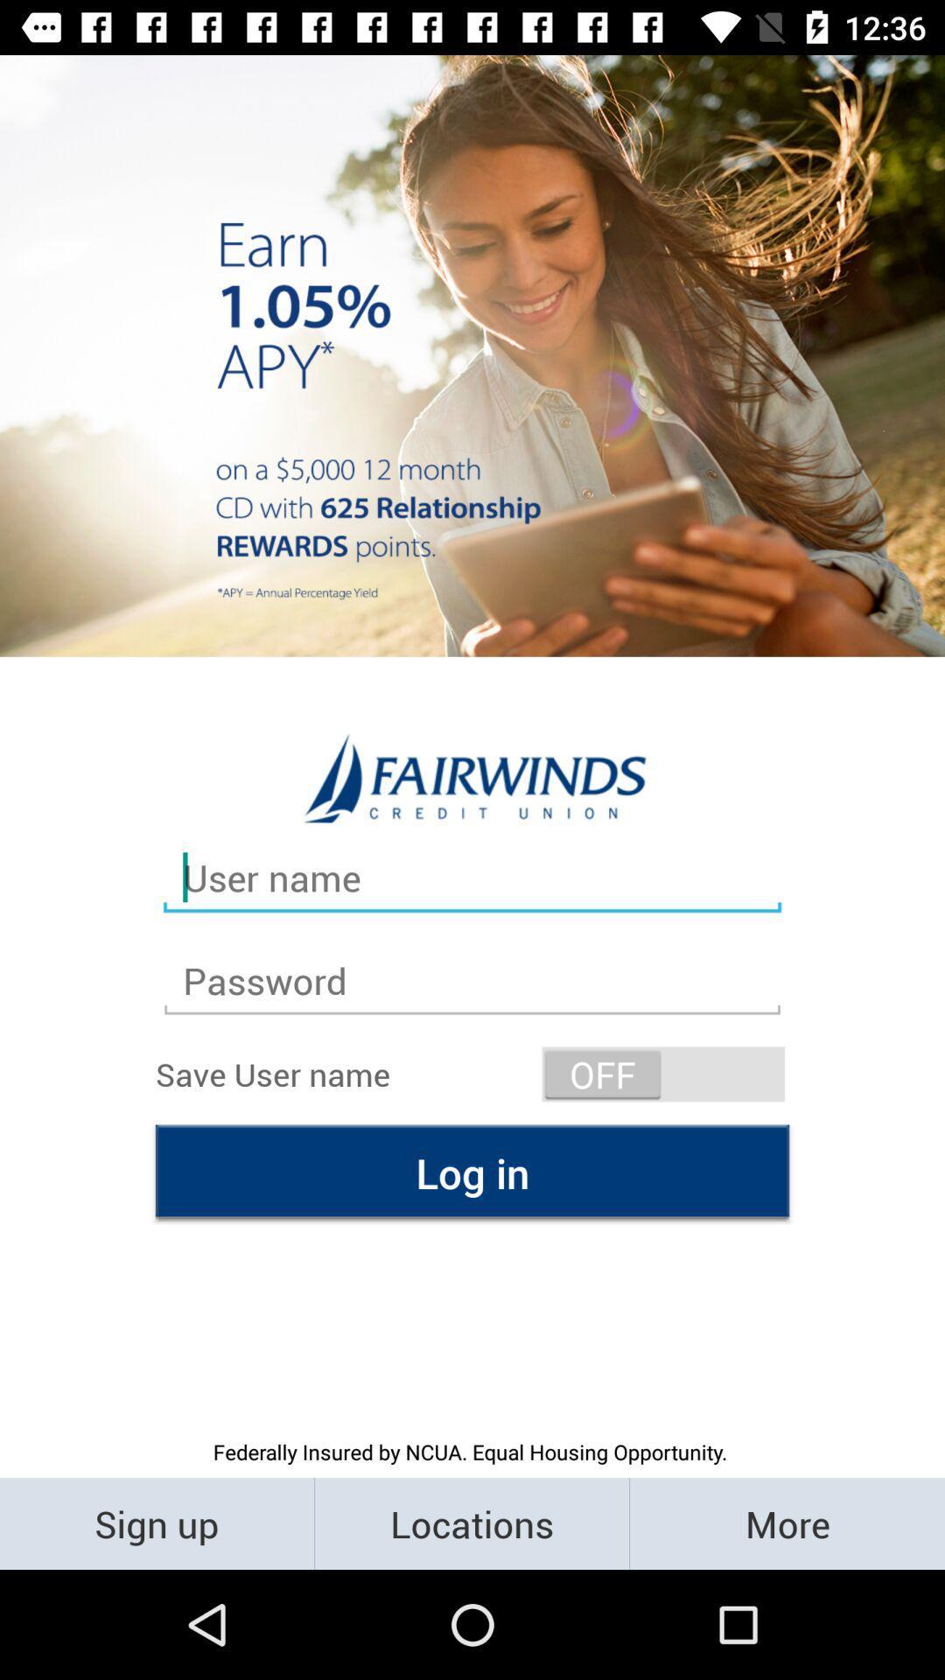 The height and width of the screenshot is (1680, 945). What do you see at coordinates (663, 1073) in the screenshot?
I see `item above the log in item` at bounding box center [663, 1073].